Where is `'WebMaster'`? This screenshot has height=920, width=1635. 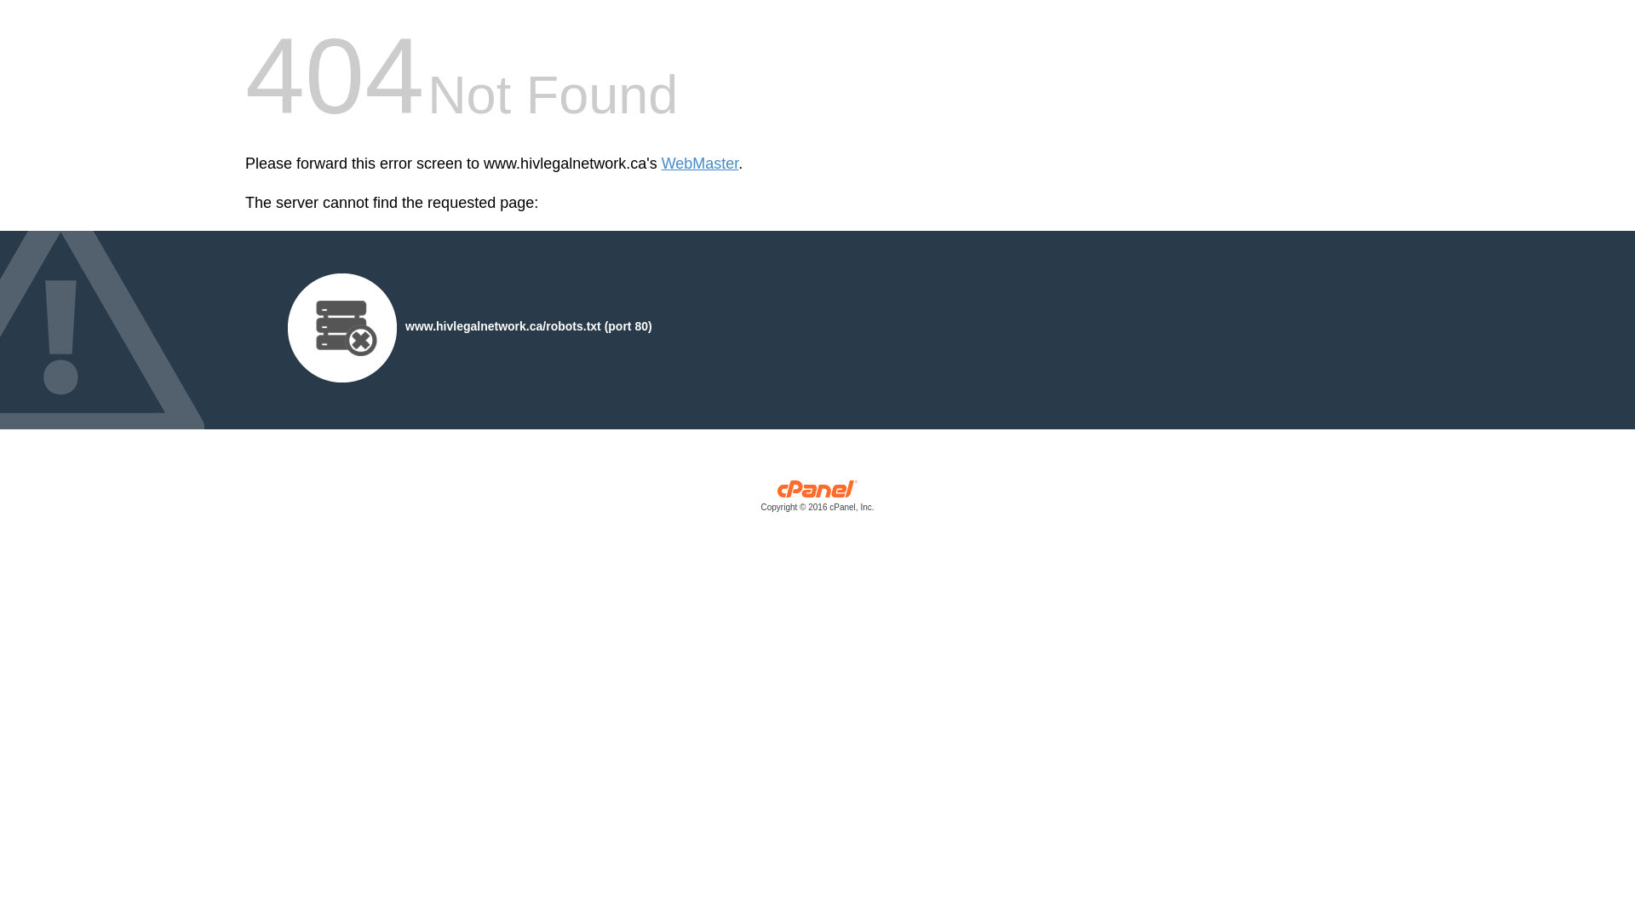
'WebMaster' is located at coordinates (661, 164).